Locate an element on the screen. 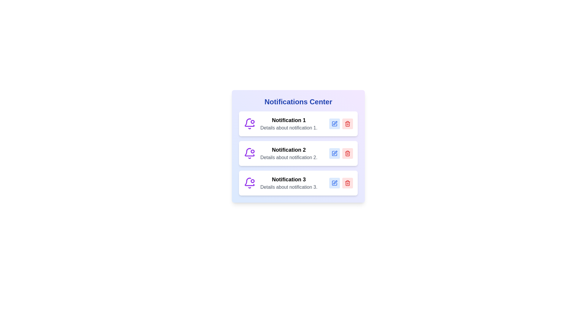 This screenshot has width=570, height=320. the circular notification indicator next to the bell icon on the second notification card in the Notifications Center is located at coordinates (252, 151).